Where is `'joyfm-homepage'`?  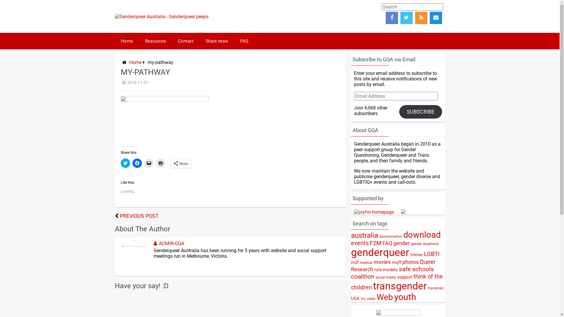
'joyfm-homepage' is located at coordinates (373, 212).